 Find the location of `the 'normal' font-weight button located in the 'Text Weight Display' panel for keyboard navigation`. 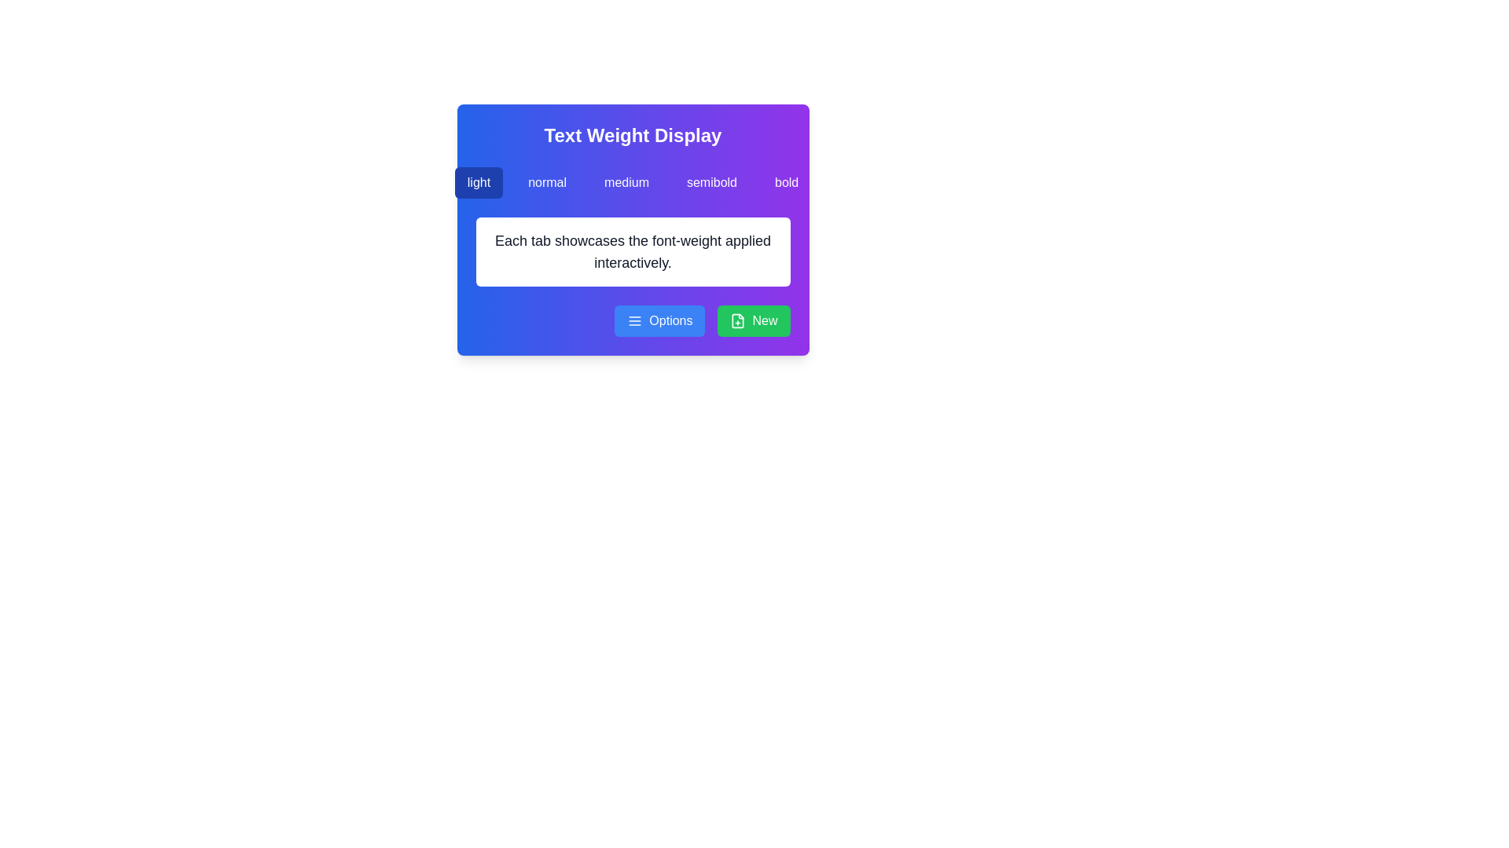

the 'normal' font-weight button located in the 'Text Weight Display' panel for keyboard navigation is located at coordinates (547, 181).